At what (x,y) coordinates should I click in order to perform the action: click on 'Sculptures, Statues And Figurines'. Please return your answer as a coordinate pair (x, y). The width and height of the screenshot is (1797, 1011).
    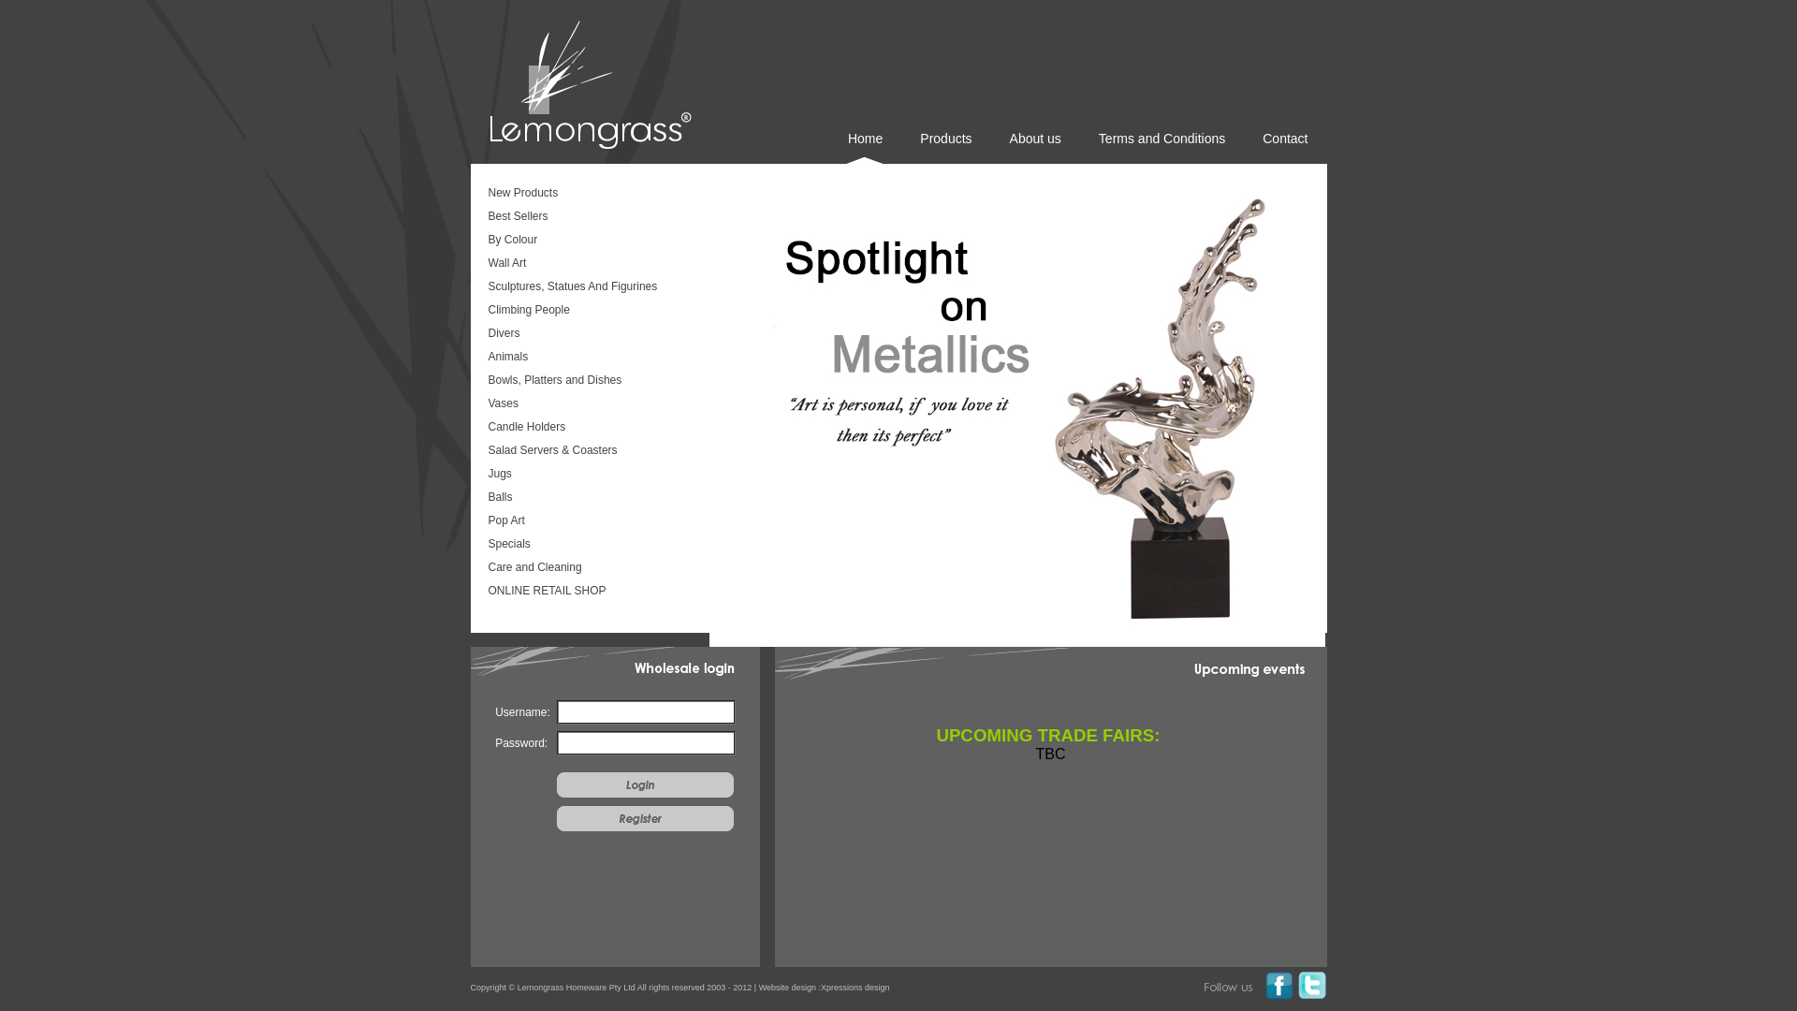
    Looking at the image, I should click on (587, 288).